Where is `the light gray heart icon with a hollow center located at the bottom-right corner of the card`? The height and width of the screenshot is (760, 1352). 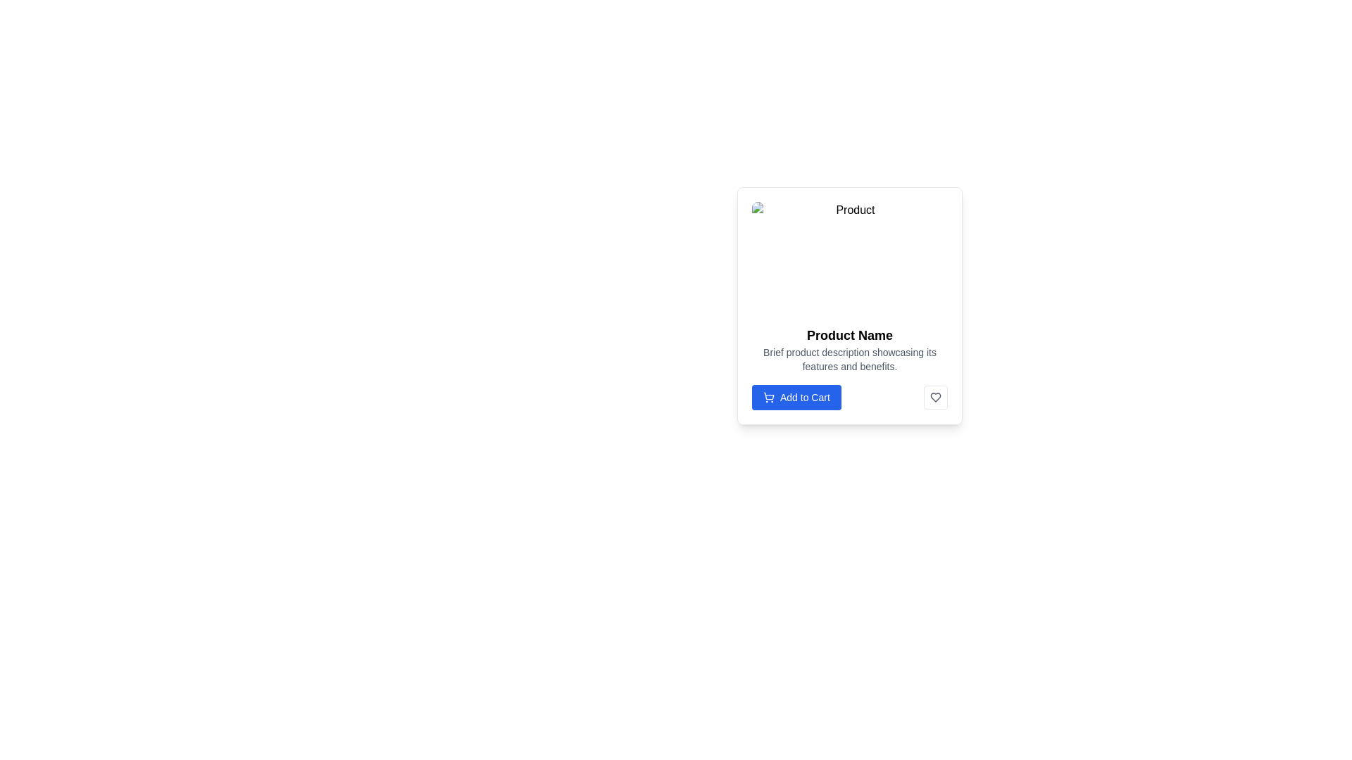
the light gray heart icon with a hollow center located at the bottom-right corner of the card is located at coordinates (936, 397).